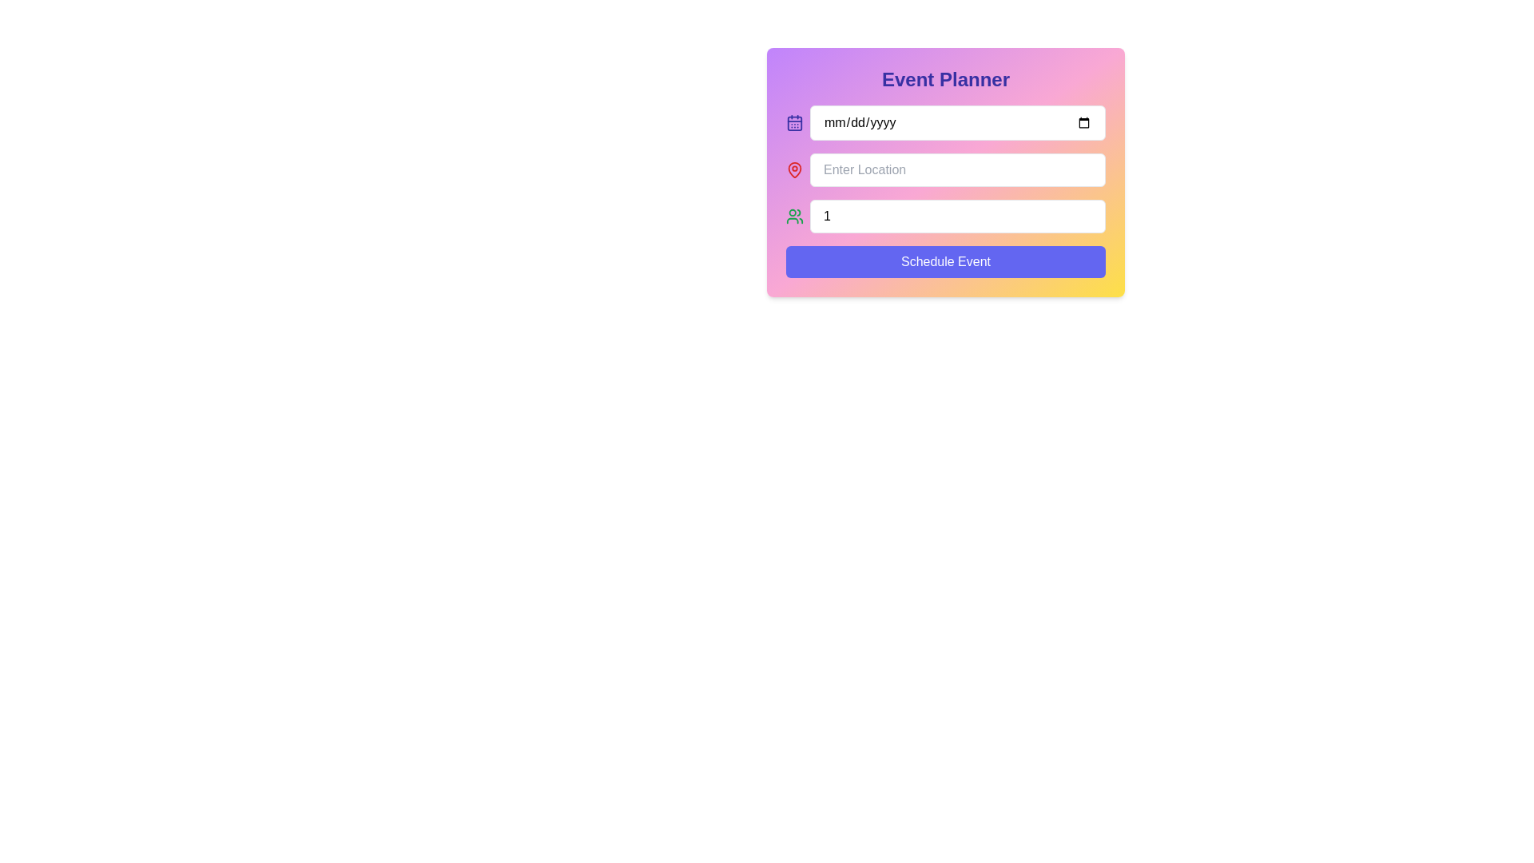  I want to click on the green icon representing a group of users located in the third row of the 'Event Planner' interface, to the left of a number input field, so click(794, 216).